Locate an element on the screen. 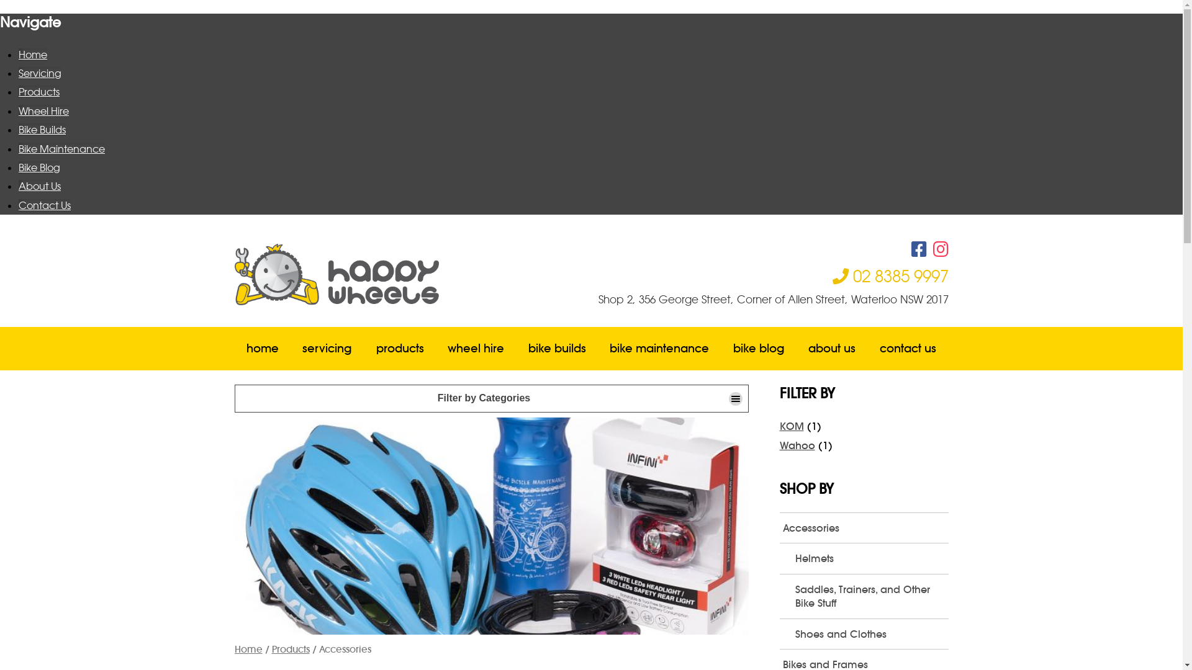  'KOM' is located at coordinates (791, 425).